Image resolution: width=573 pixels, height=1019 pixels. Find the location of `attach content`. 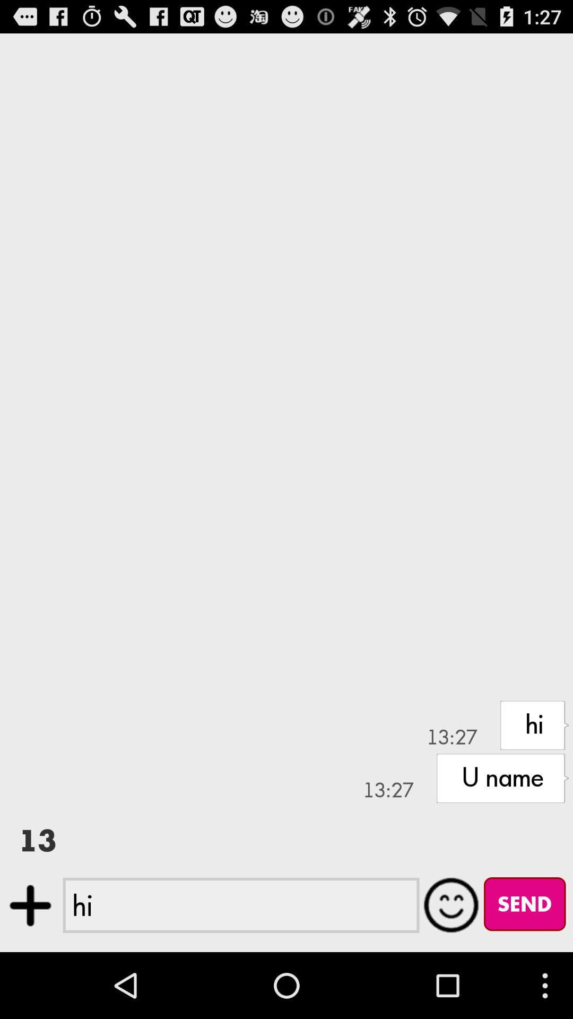

attach content is located at coordinates (30, 905).